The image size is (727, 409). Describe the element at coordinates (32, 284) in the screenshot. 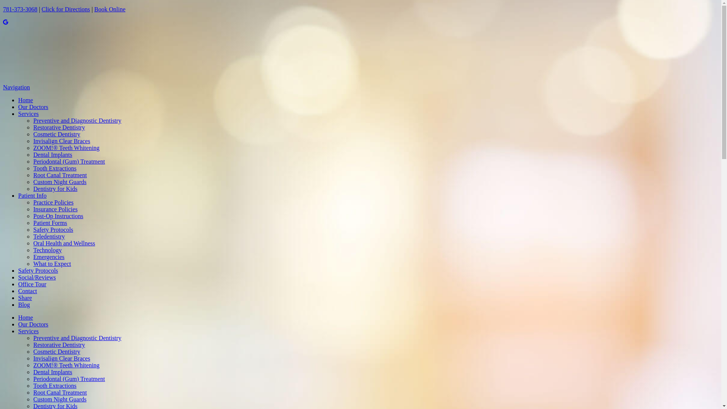

I see `'Office Tour'` at that location.